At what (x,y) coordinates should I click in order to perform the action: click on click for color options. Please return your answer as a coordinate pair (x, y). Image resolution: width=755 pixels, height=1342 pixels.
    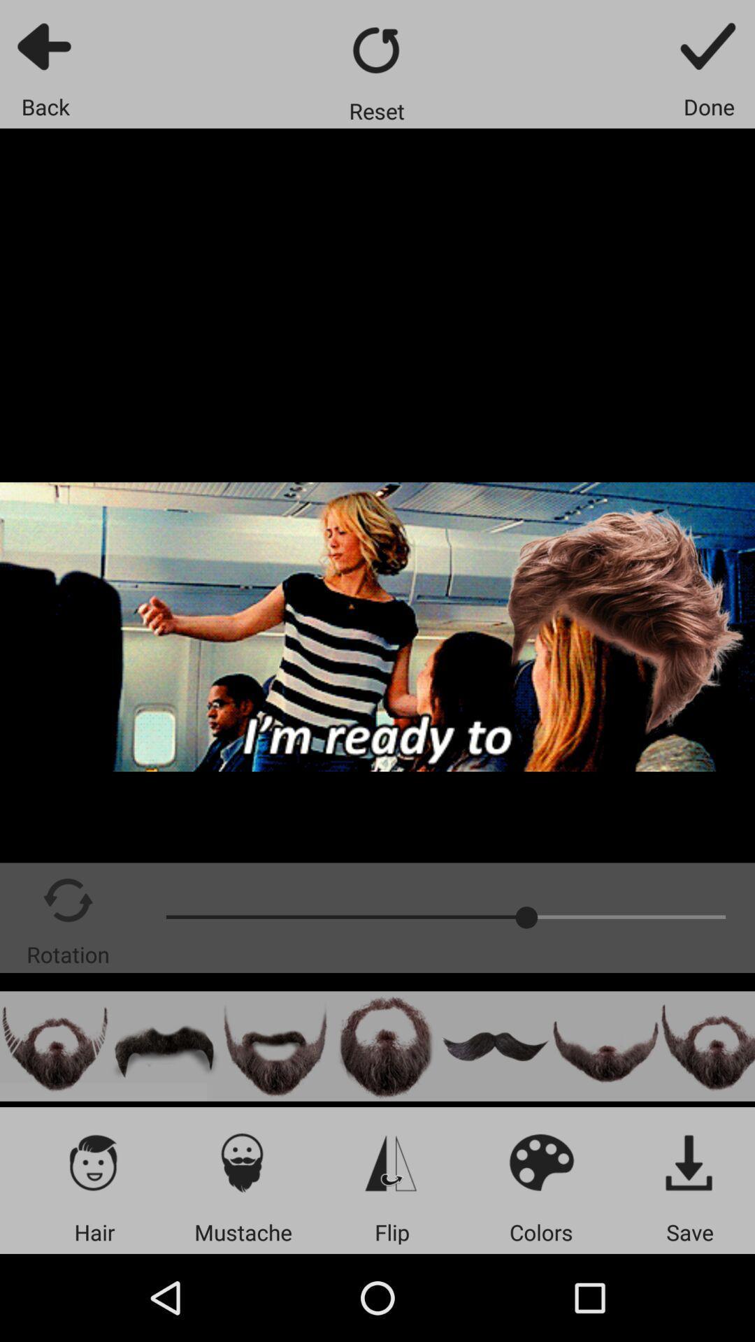
    Looking at the image, I should click on (540, 1162).